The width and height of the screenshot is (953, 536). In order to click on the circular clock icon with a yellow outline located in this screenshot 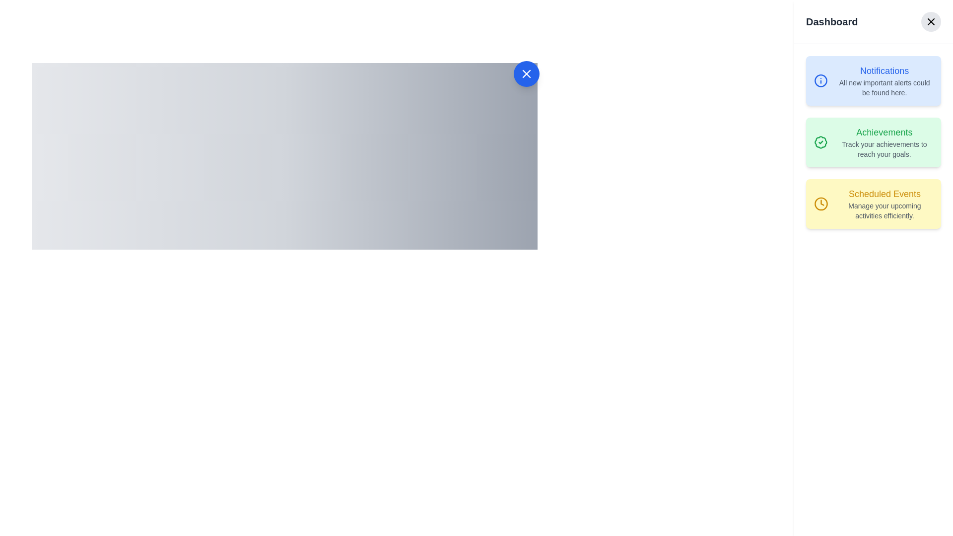, I will do `click(821, 203)`.